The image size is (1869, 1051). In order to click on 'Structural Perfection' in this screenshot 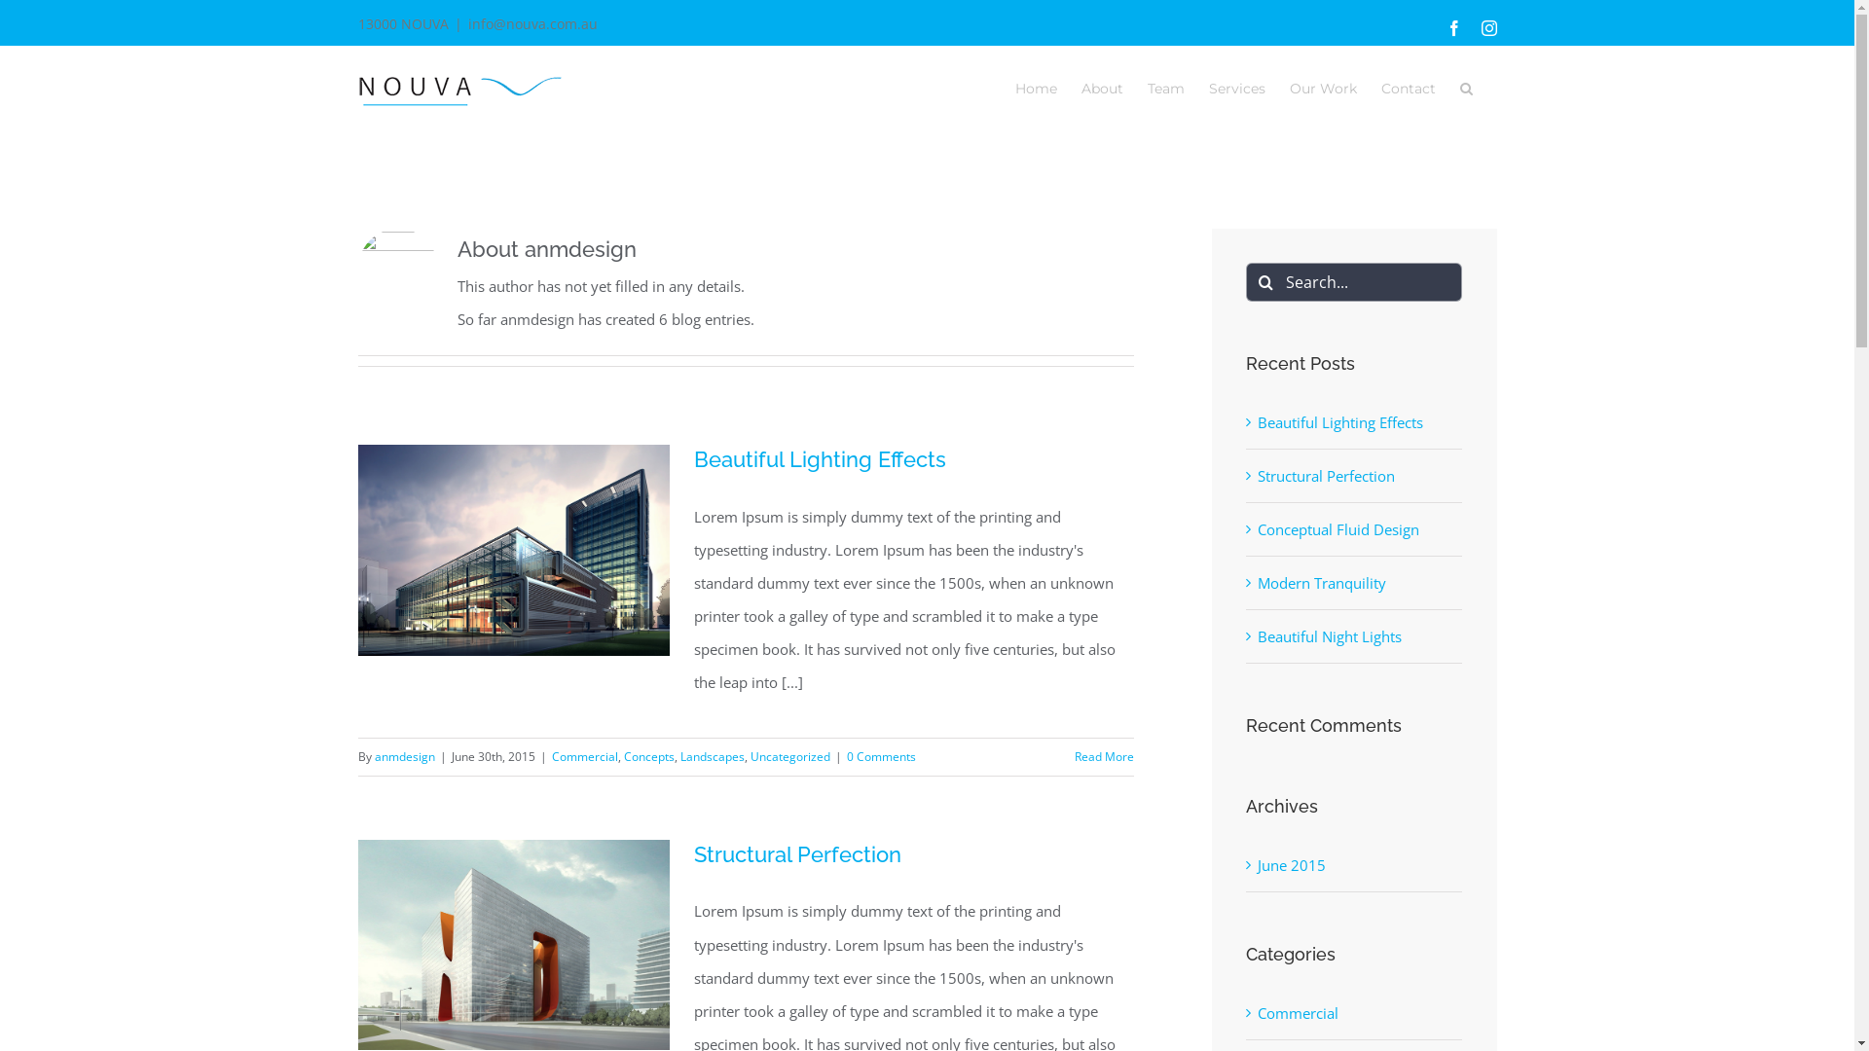, I will do `click(1257, 476)`.